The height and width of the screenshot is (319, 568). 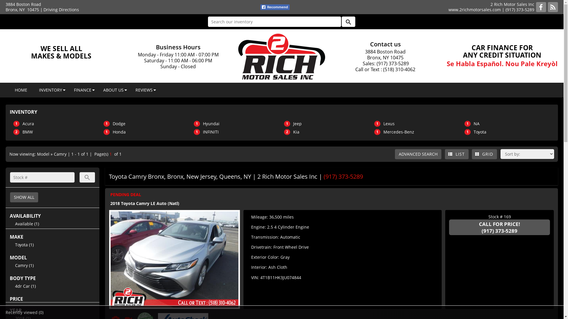 I want to click on 'SHOW ALL', so click(x=24, y=197).